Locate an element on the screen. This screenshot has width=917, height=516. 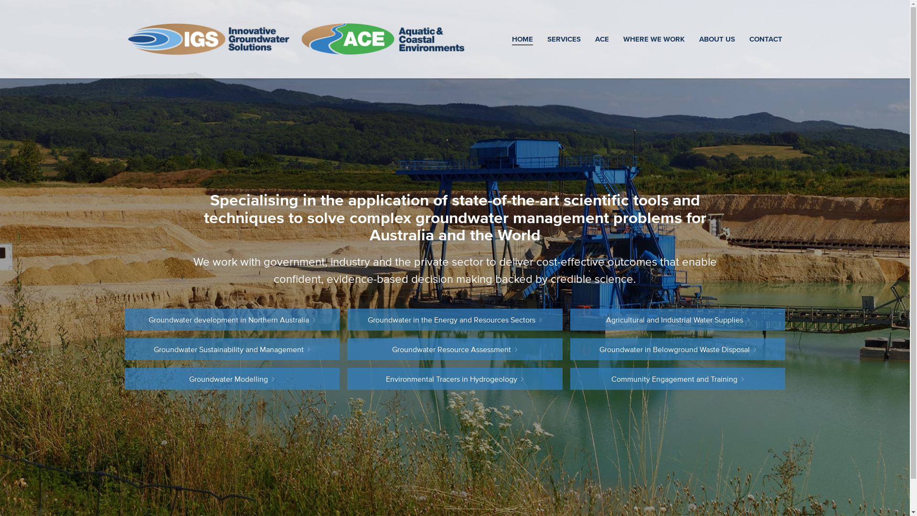
'Environmental Tracers in Hydrogeology  ' is located at coordinates (454, 378).